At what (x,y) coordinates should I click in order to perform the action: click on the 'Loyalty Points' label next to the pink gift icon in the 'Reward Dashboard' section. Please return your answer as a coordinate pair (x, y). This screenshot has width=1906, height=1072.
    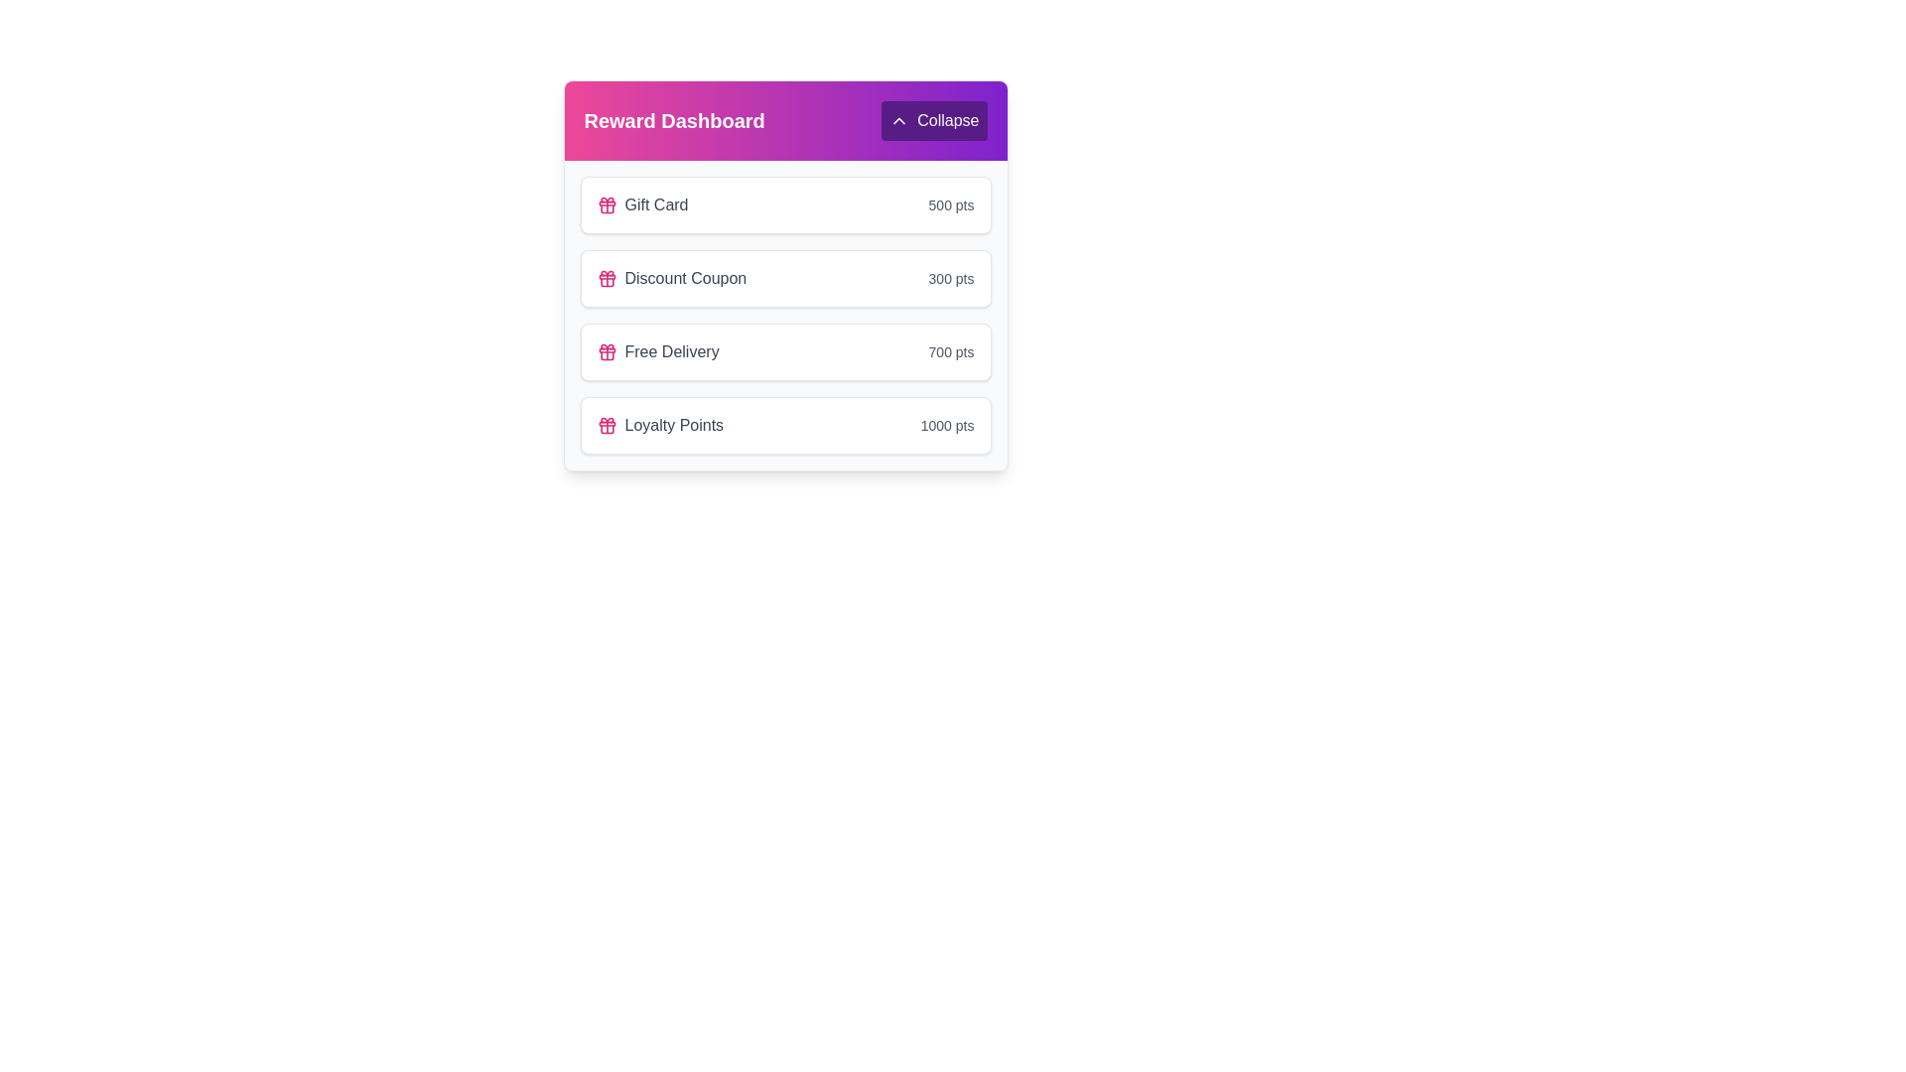
    Looking at the image, I should click on (660, 424).